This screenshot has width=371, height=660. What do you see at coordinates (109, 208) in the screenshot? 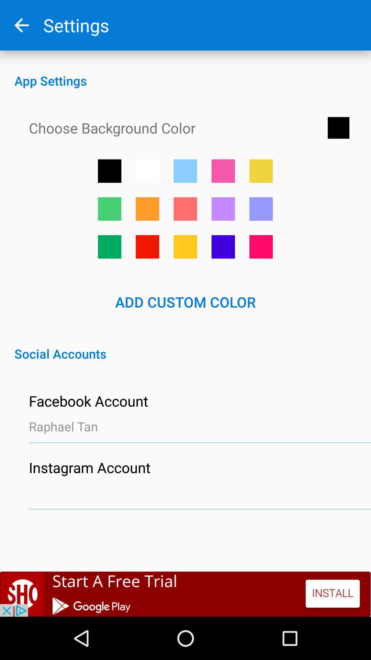
I see `light green color` at bounding box center [109, 208].